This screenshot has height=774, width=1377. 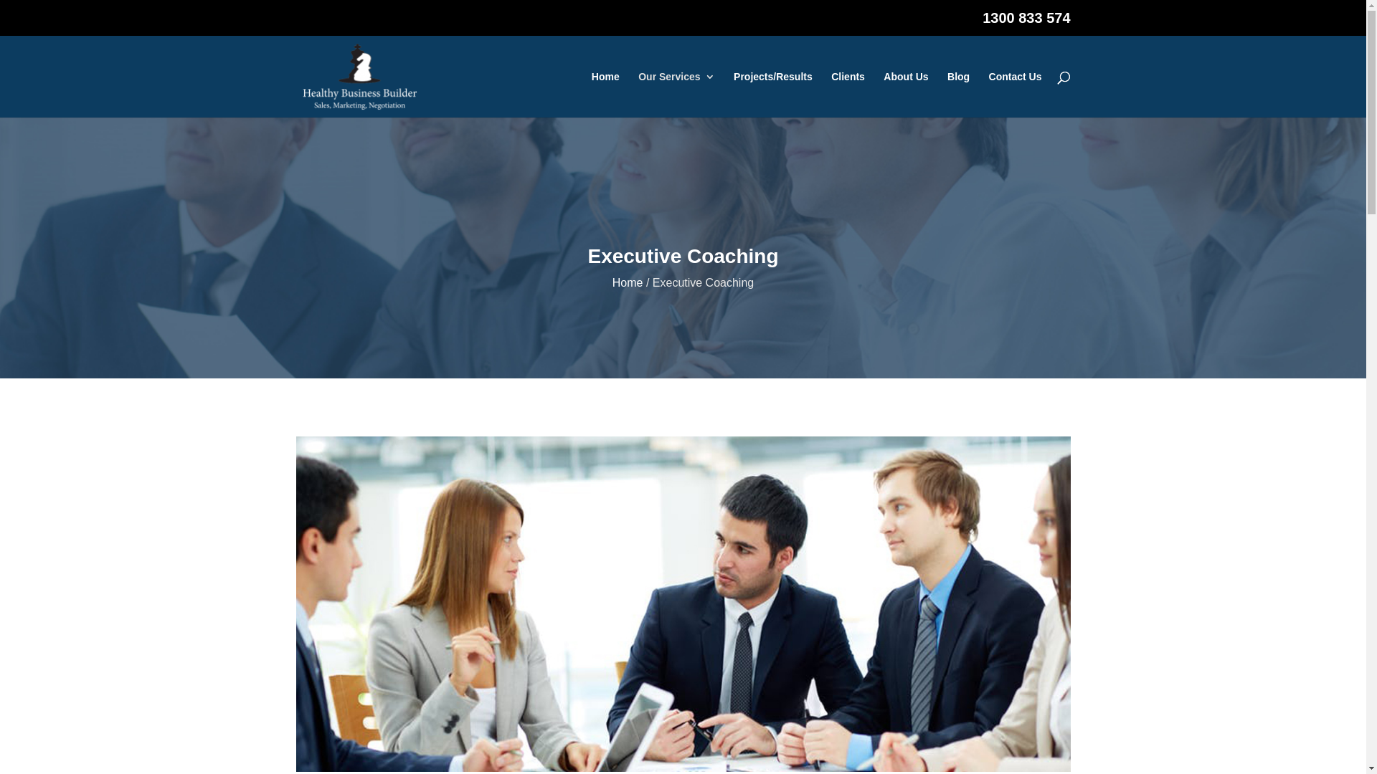 What do you see at coordinates (612, 282) in the screenshot?
I see `'Home'` at bounding box center [612, 282].